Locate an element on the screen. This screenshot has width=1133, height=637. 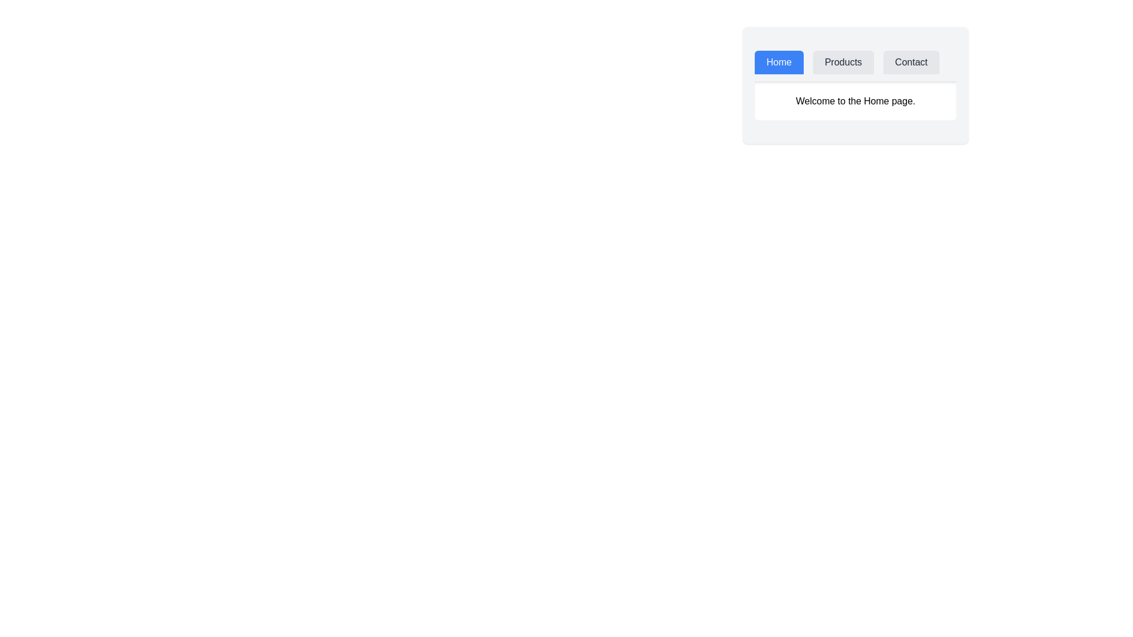
the tab labeled Contact to observe visual changes is located at coordinates (911, 62).